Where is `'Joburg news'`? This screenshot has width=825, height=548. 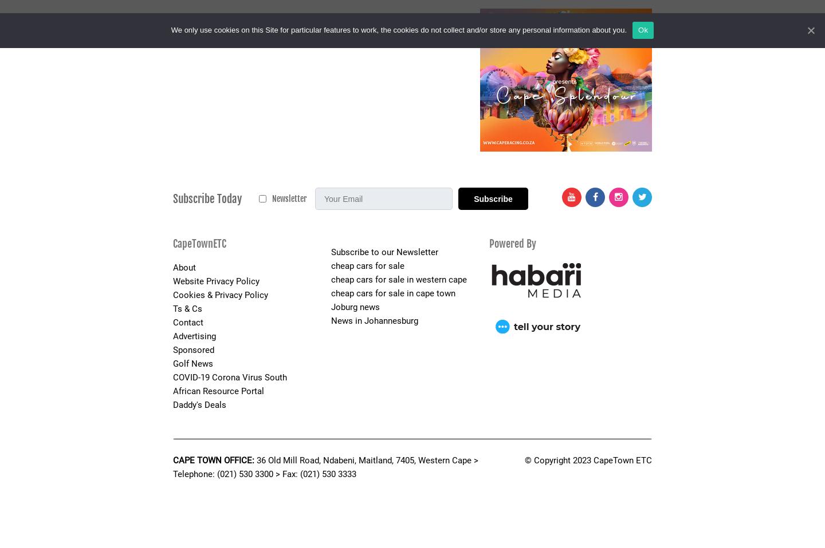 'Joburg news' is located at coordinates (354, 306).